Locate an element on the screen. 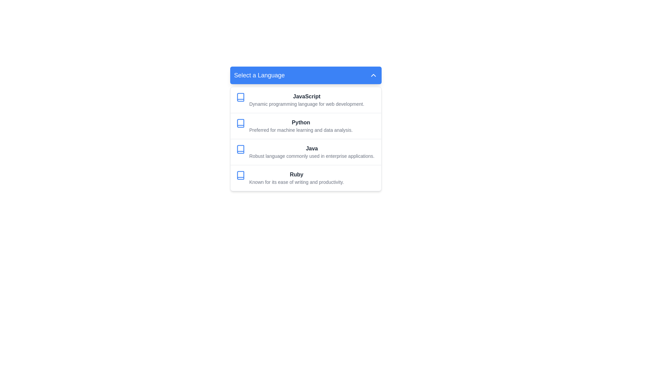 This screenshot has height=365, width=649. the first list item in the dropdown menu labeled 'Select a Language' that displays 'JavaScript' in bold and 'Dynamic programming language for web development' in a smaller font is located at coordinates (306, 100).